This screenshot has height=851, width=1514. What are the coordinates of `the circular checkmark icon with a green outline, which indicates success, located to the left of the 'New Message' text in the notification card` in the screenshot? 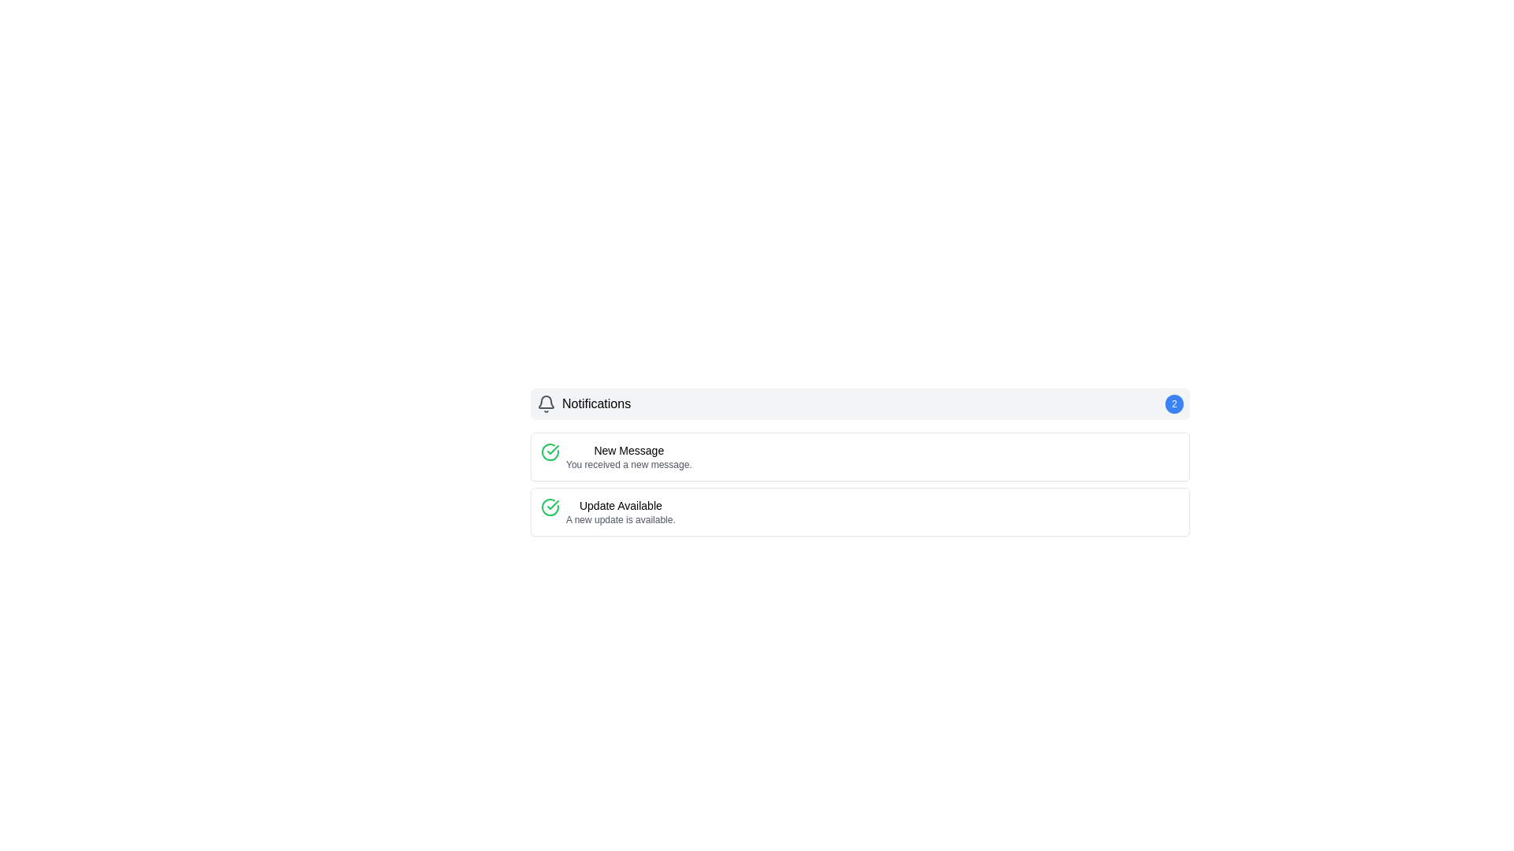 It's located at (550, 452).